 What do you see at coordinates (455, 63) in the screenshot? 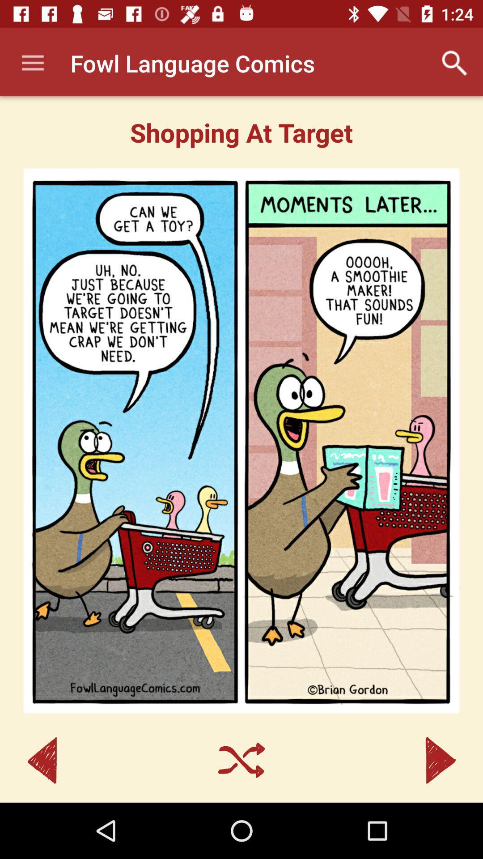
I see `the item to the right of the fowl language comics app` at bounding box center [455, 63].